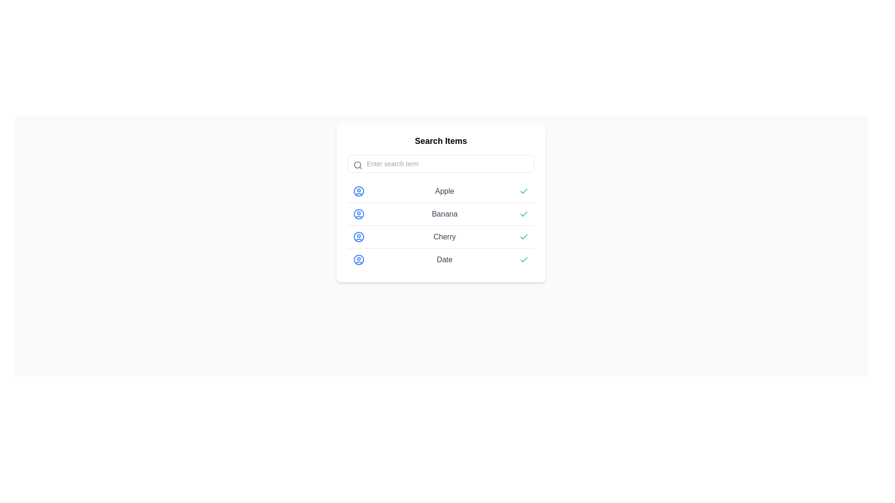 The image size is (895, 503). What do you see at coordinates (358, 191) in the screenshot?
I see `the first icon representing 'Apple'` at bounding box center [358, 191].